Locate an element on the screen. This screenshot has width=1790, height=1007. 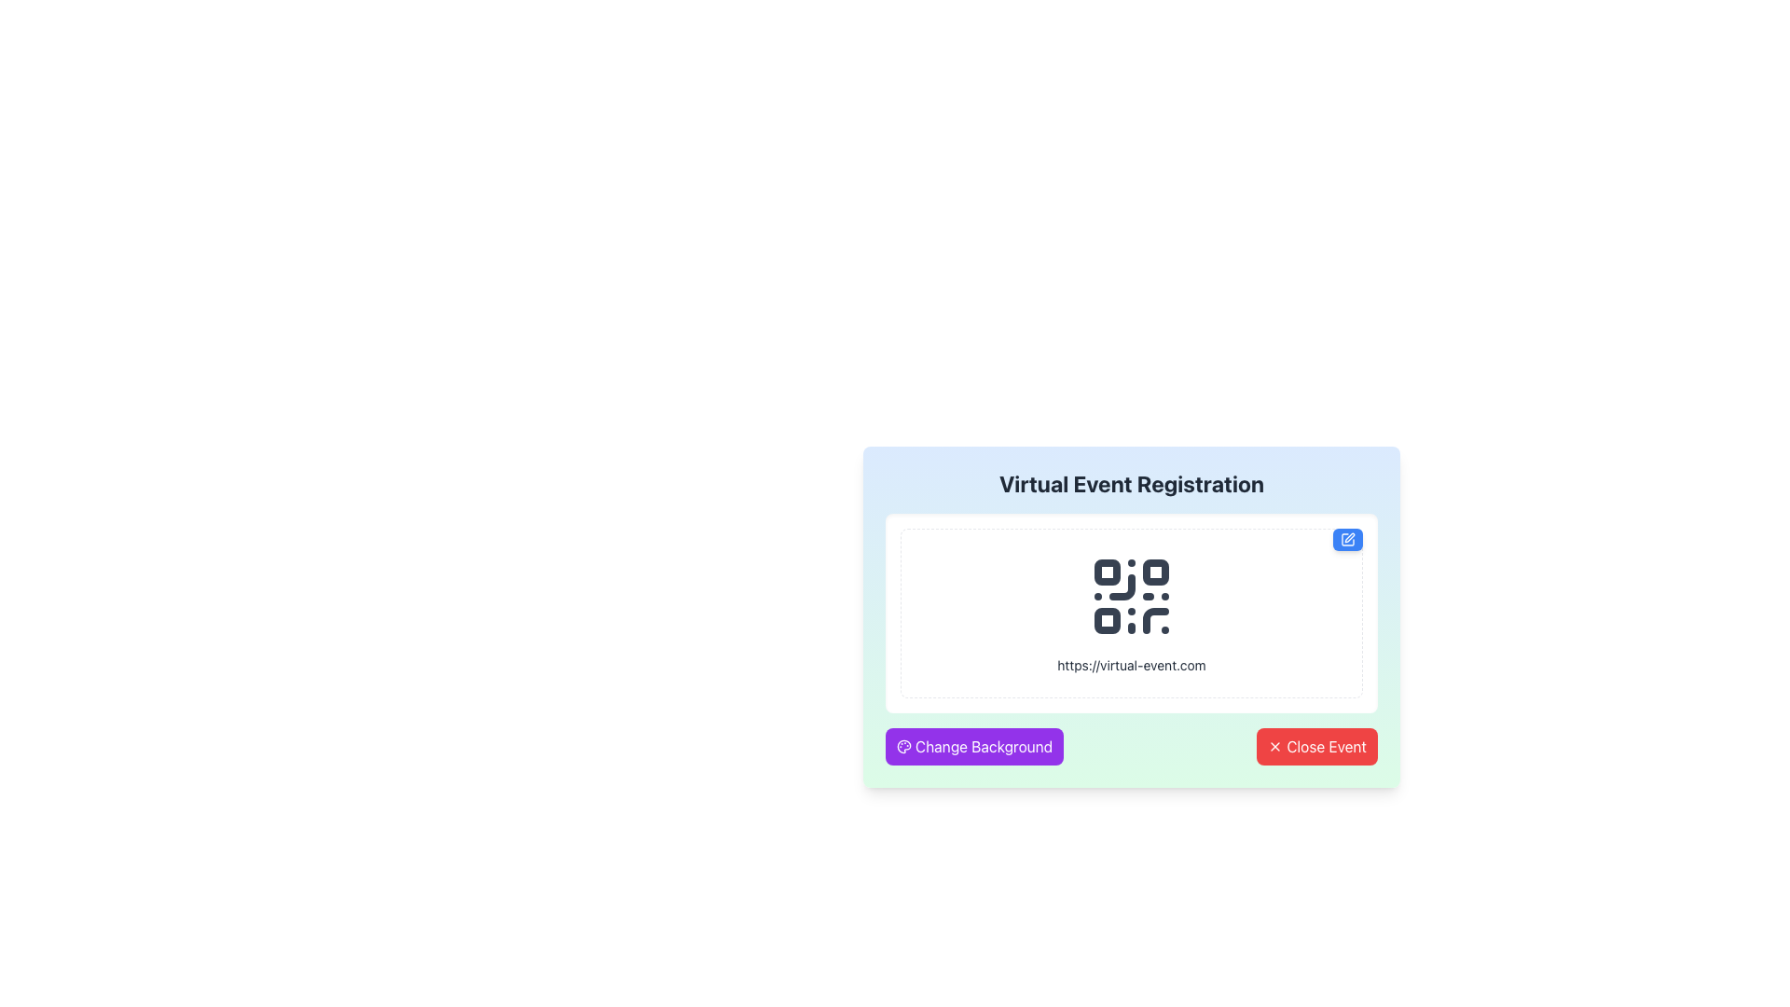
the decorative part of the QR code icon, specifically the small rounded rectangle located in the top-right quadrant of the QR code is located at coordinates (1154, 571).